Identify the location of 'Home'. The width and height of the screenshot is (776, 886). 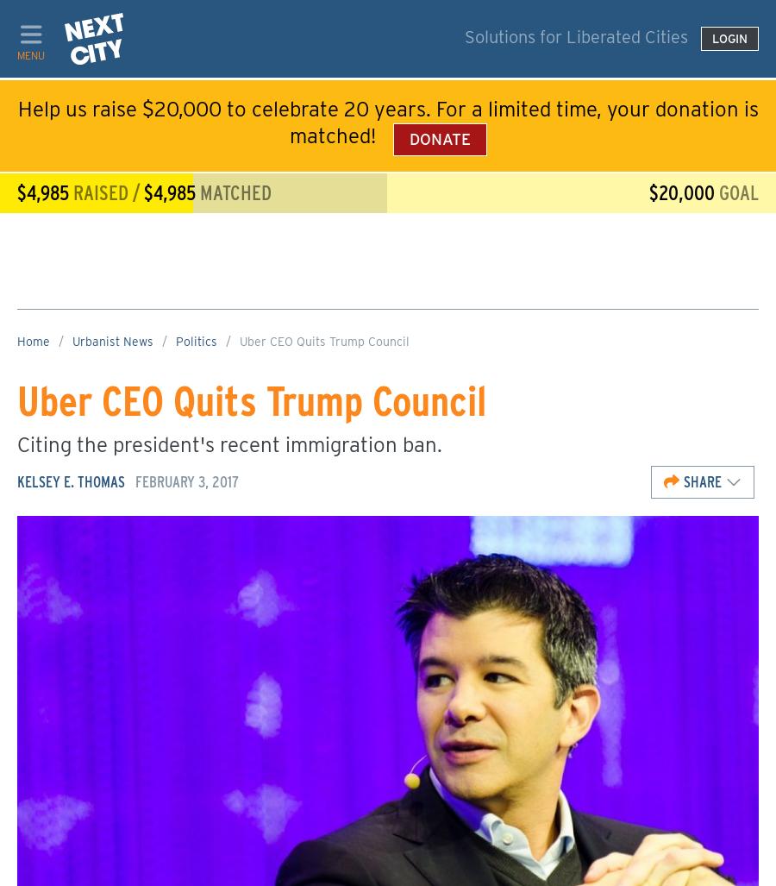
(32, 342).